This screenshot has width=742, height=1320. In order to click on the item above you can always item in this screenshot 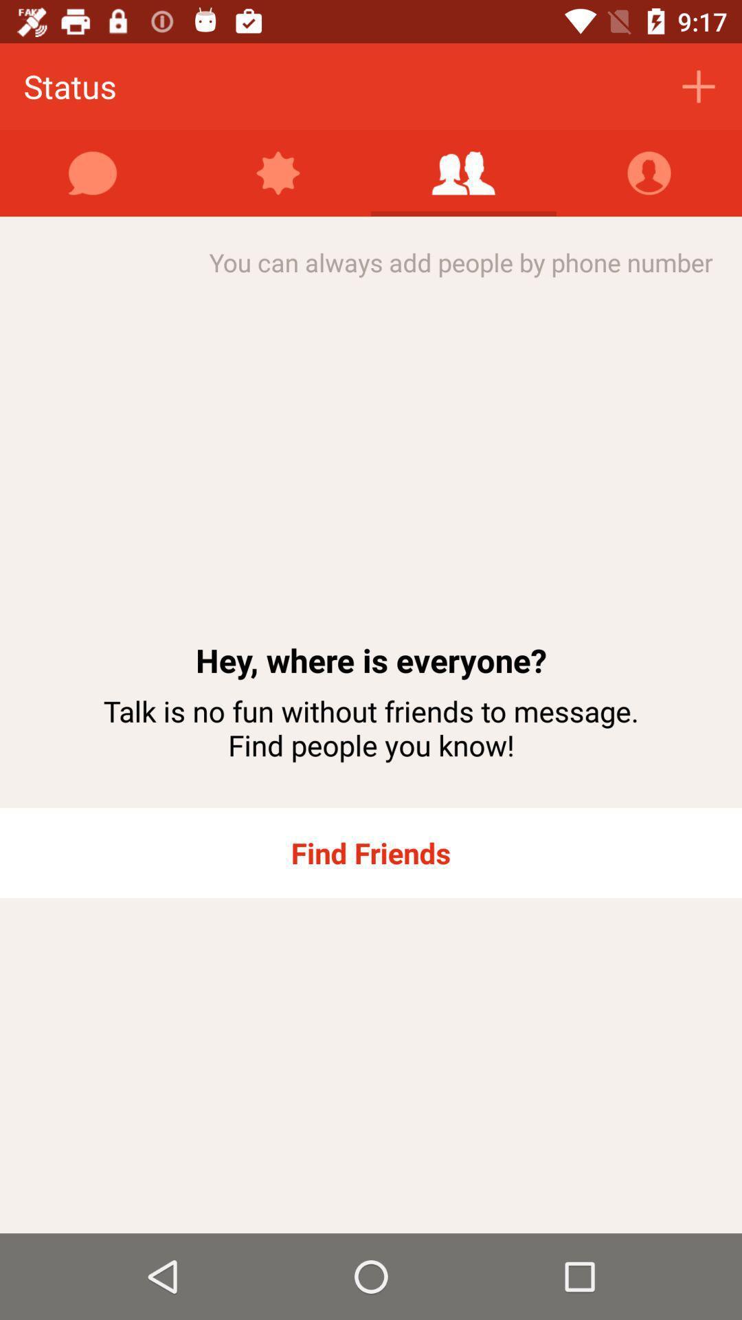, I will do `click(93, 173)`.